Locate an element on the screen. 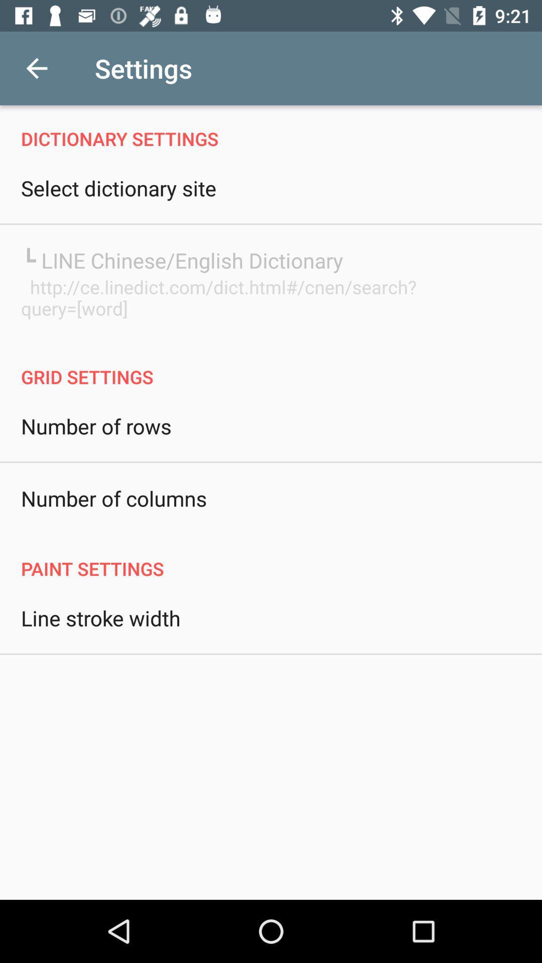  the line stroke width icon is located at coordinates (100, 617).